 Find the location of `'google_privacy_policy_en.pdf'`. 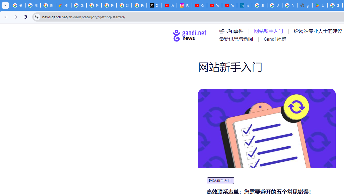

'google_privacy_policy_en.pdf' is located at coordinates (305, 5).